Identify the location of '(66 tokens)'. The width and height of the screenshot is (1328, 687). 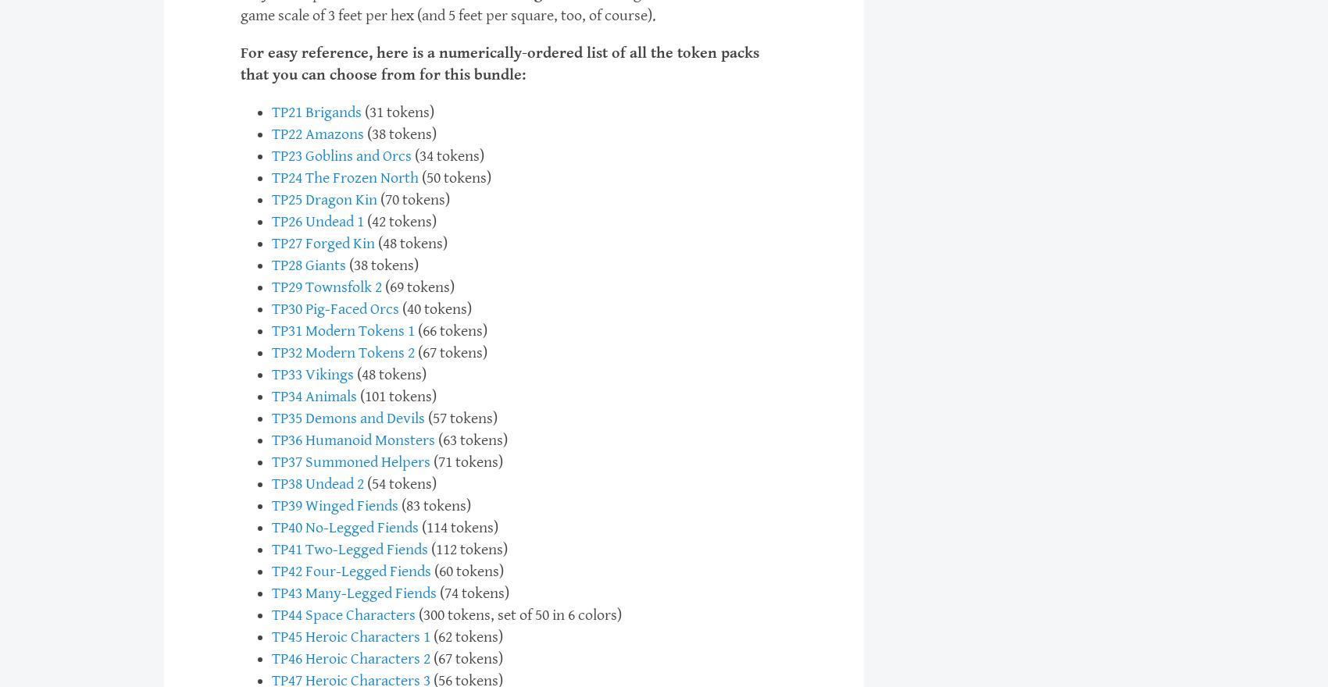
(450, 331).